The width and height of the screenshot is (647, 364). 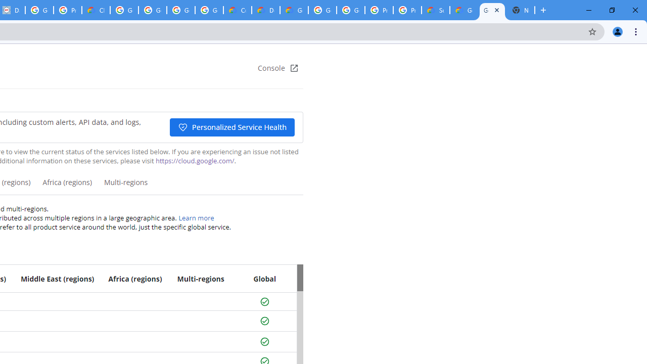 I want to click on 'Support Hub | Google Cloud', so click(x=436, y=10).